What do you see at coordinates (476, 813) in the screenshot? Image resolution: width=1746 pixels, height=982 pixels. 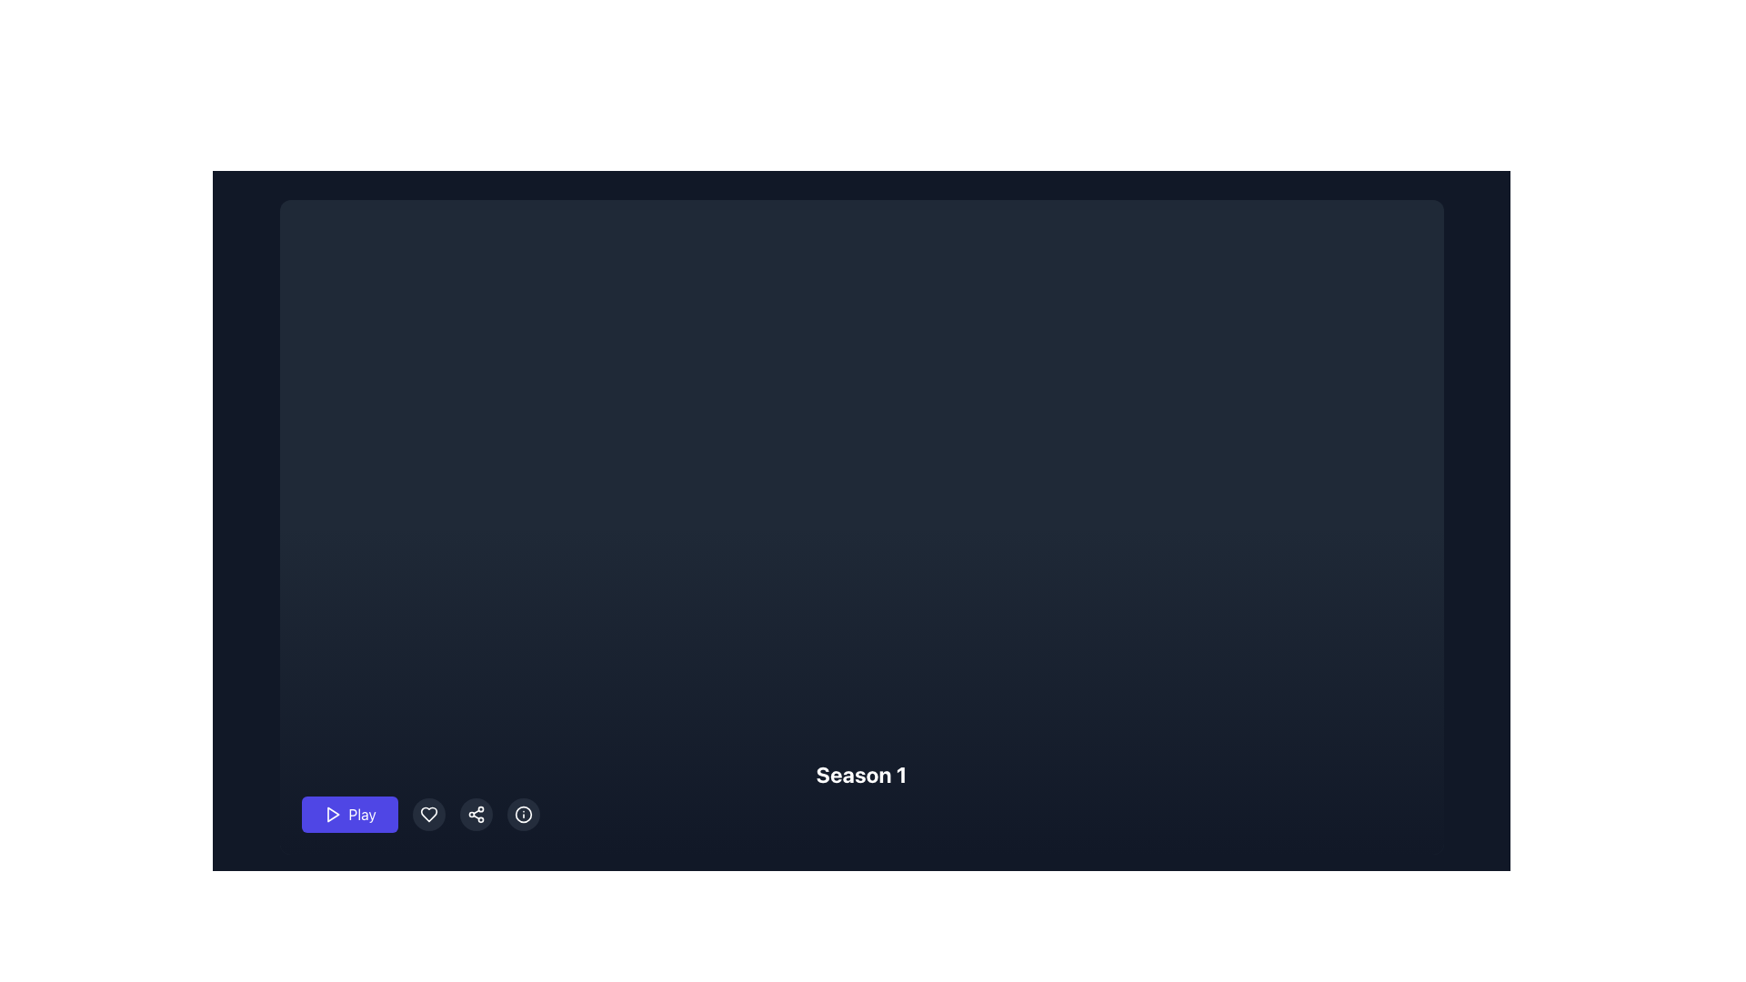 I see `the third interactive sharing button located between the heart-shaped button and the information icon` at bounding box center [476, 813].